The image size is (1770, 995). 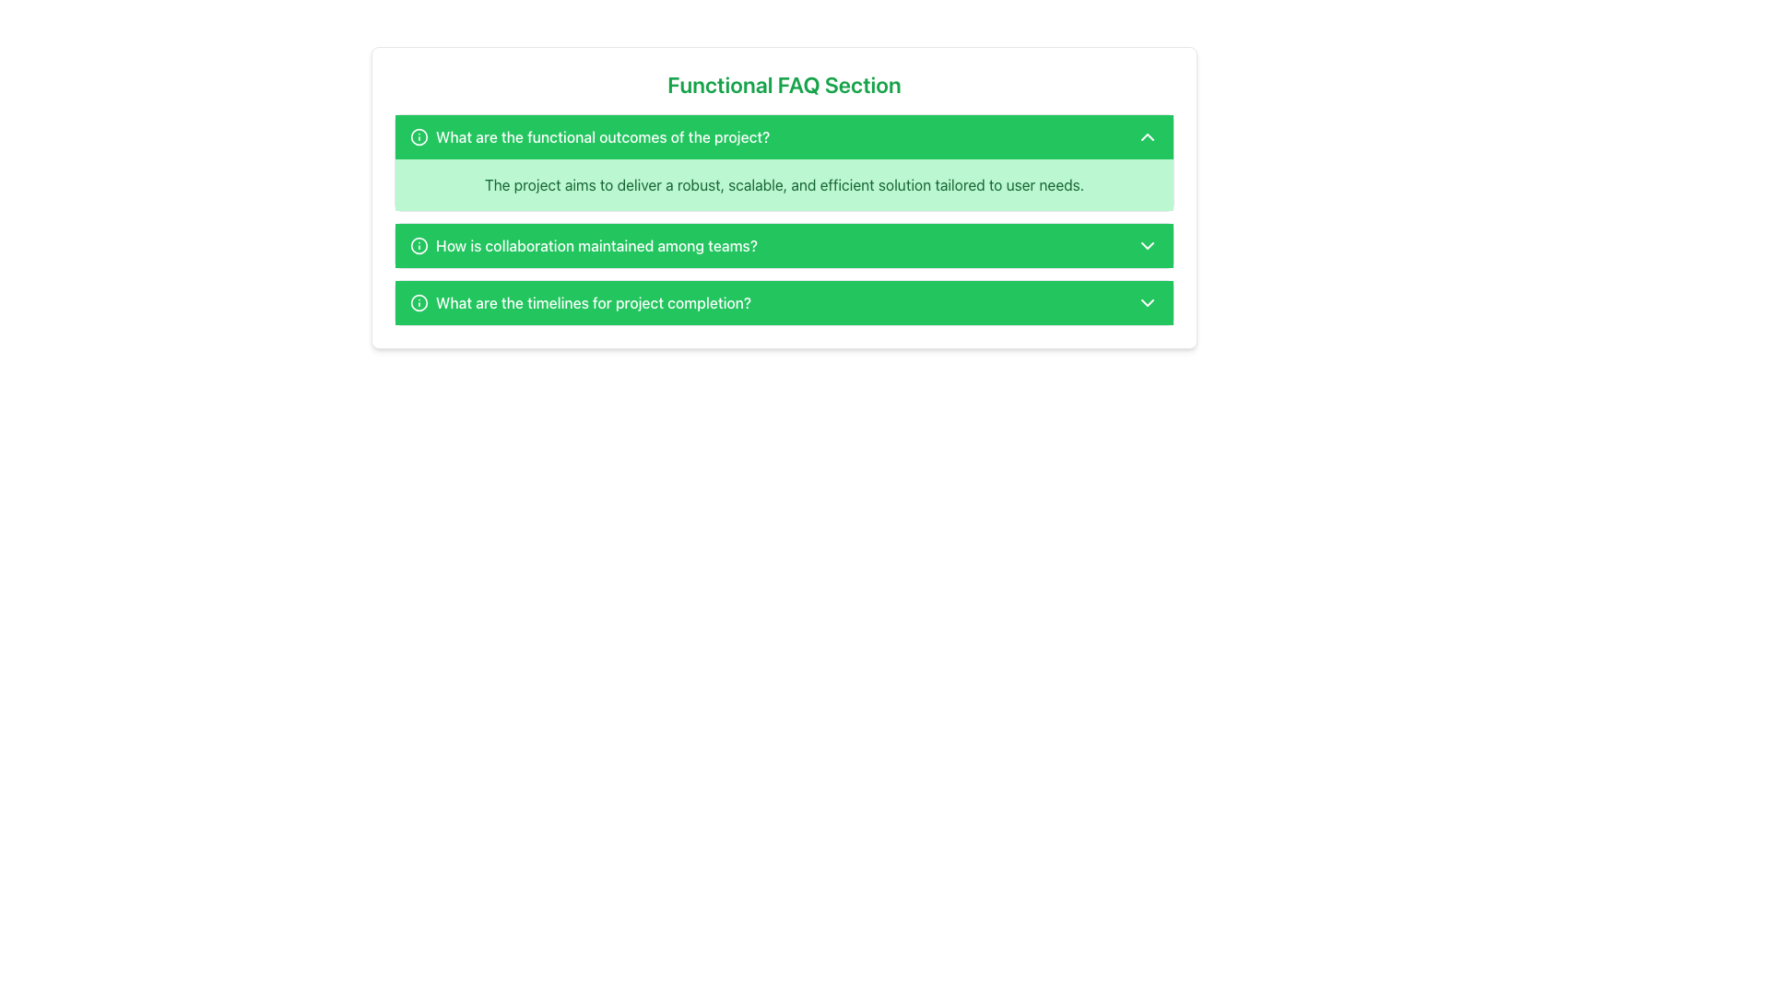 I want to click on the Chevron-Down icon located on the rightmost side of the green header bar, so click(x=1146, y=244).